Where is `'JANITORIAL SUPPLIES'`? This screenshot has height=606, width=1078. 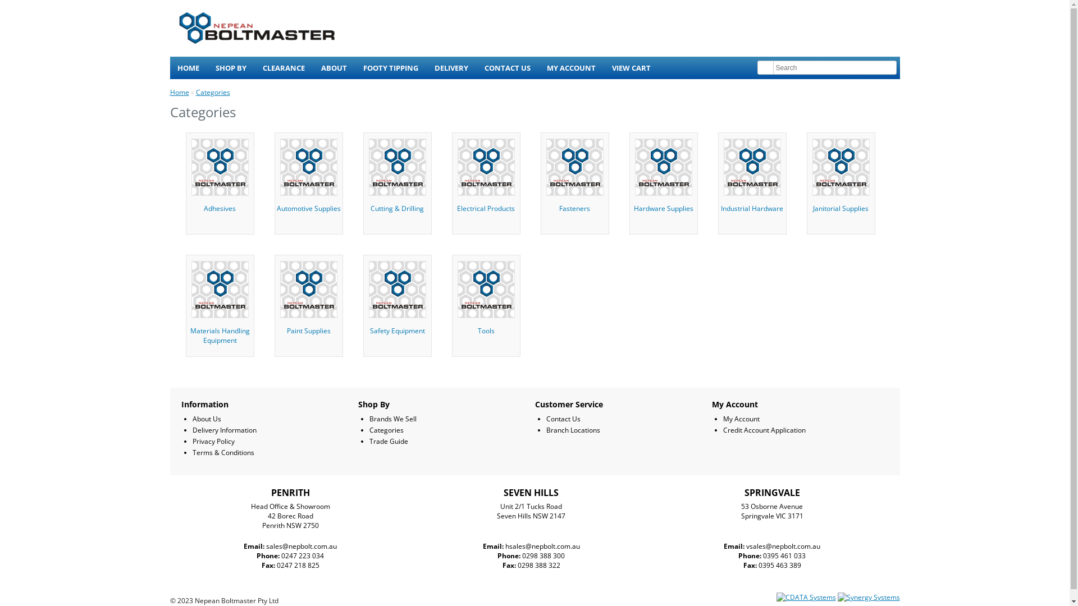 'JANITORIAL SUPPLIES' is located at coordinates (841, 167).